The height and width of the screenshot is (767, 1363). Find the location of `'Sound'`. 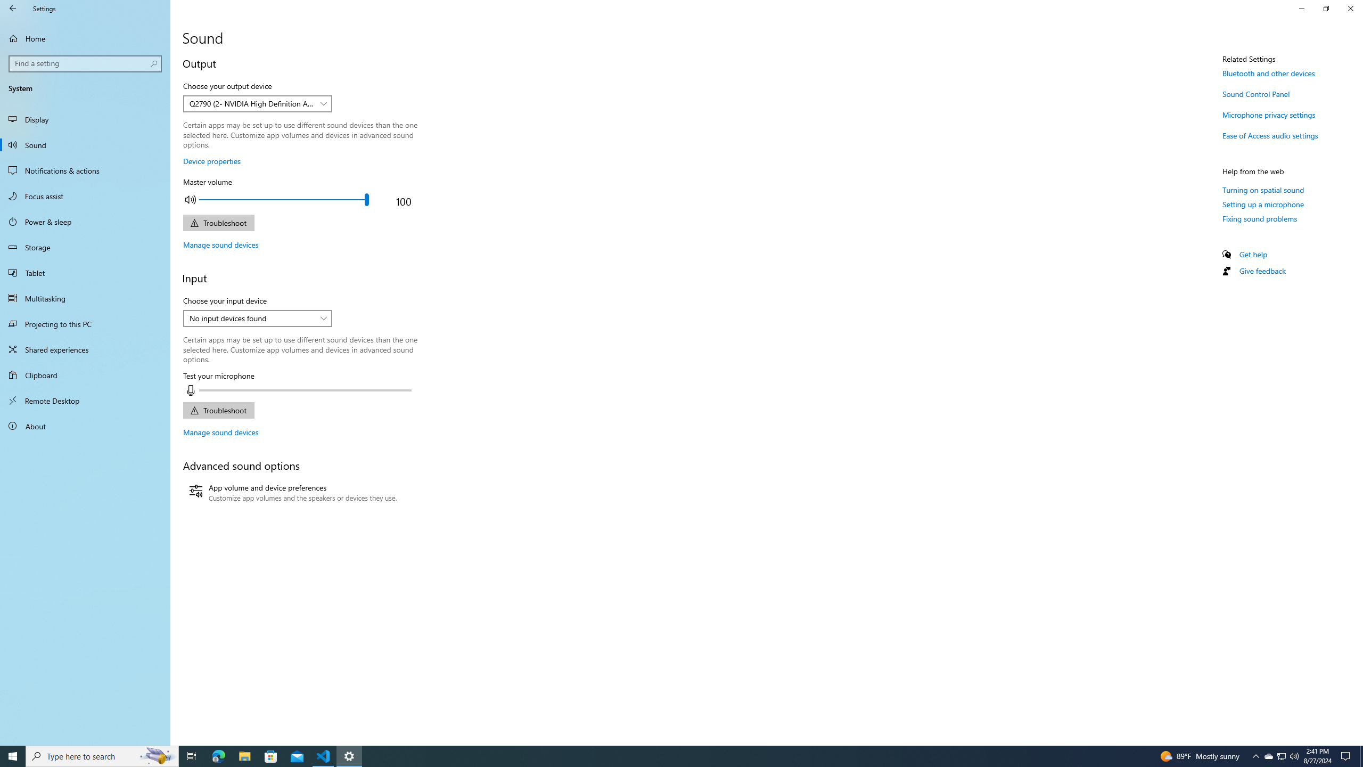

'Sound' is located at coordinates (85, 144).